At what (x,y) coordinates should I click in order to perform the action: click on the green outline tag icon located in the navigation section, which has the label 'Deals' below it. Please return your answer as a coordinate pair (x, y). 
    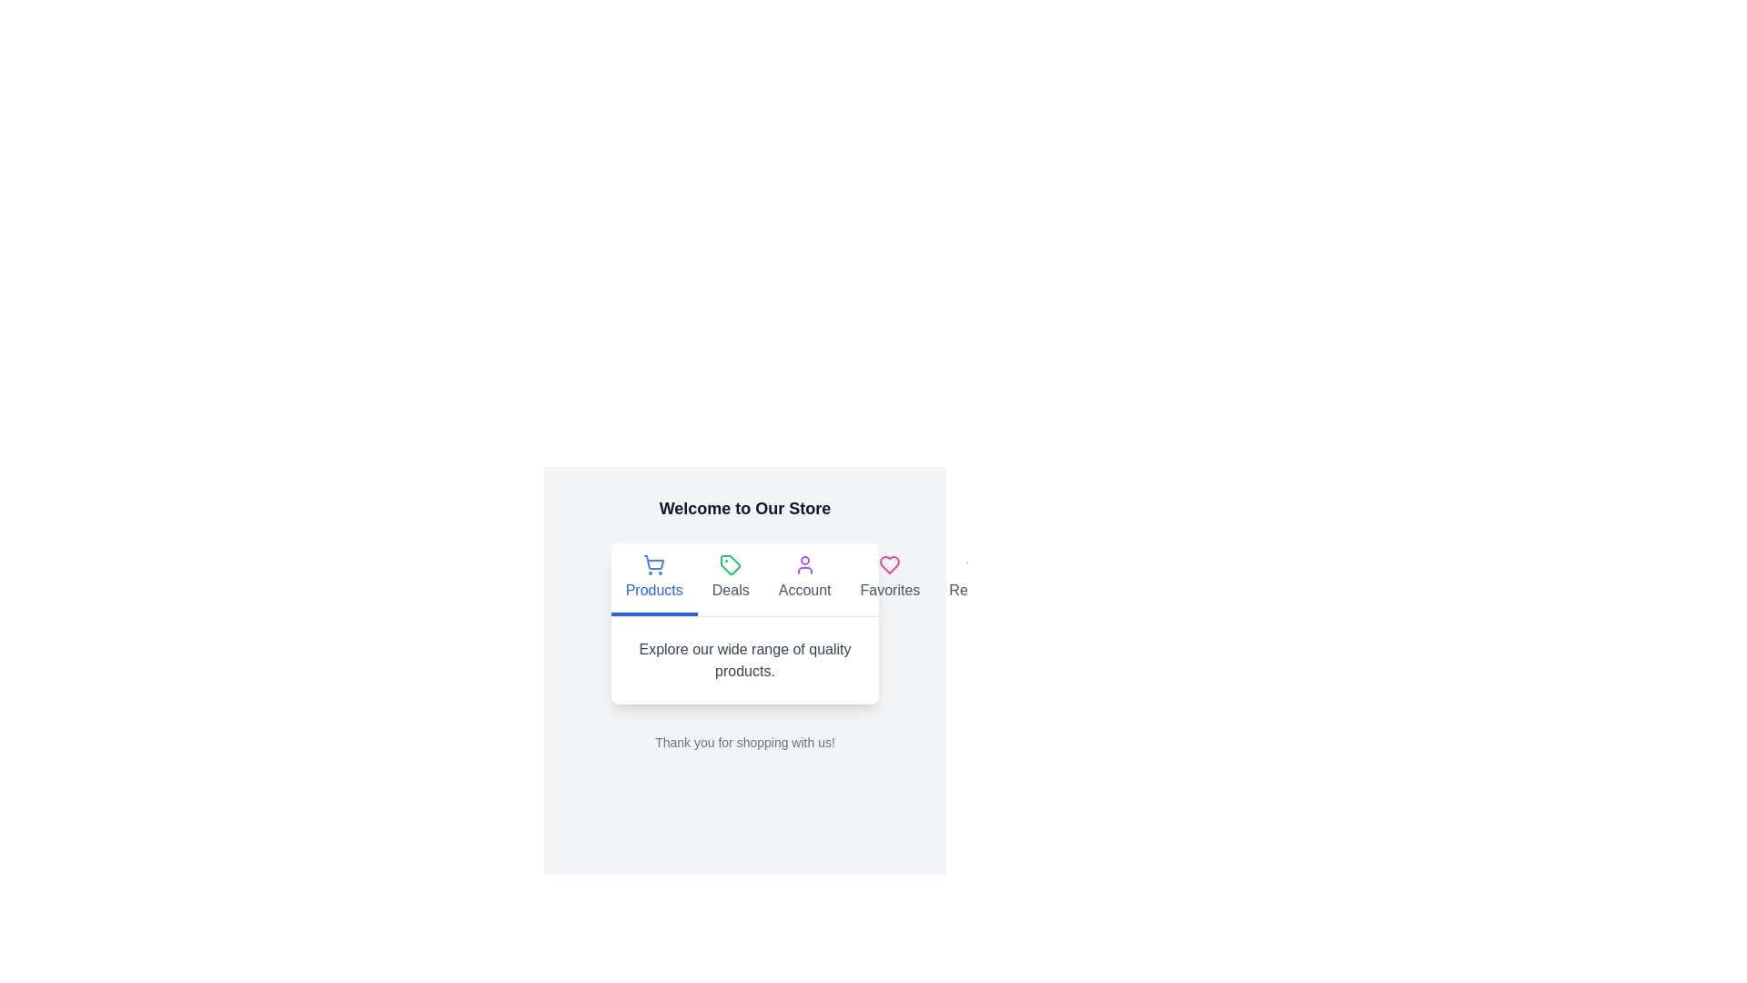
    Looking at the image, I should click on (731, 564).